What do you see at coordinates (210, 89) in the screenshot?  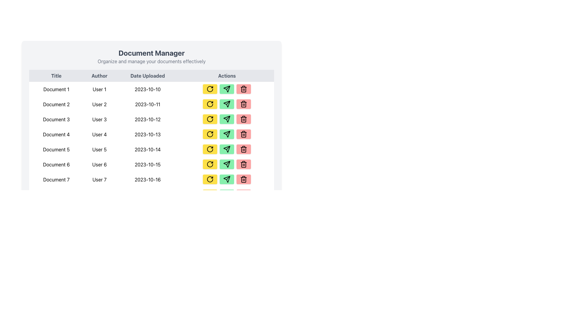 I see `the refresh button located in the 'Actions' column of the first row of the table` at bounding box center [210, 89].